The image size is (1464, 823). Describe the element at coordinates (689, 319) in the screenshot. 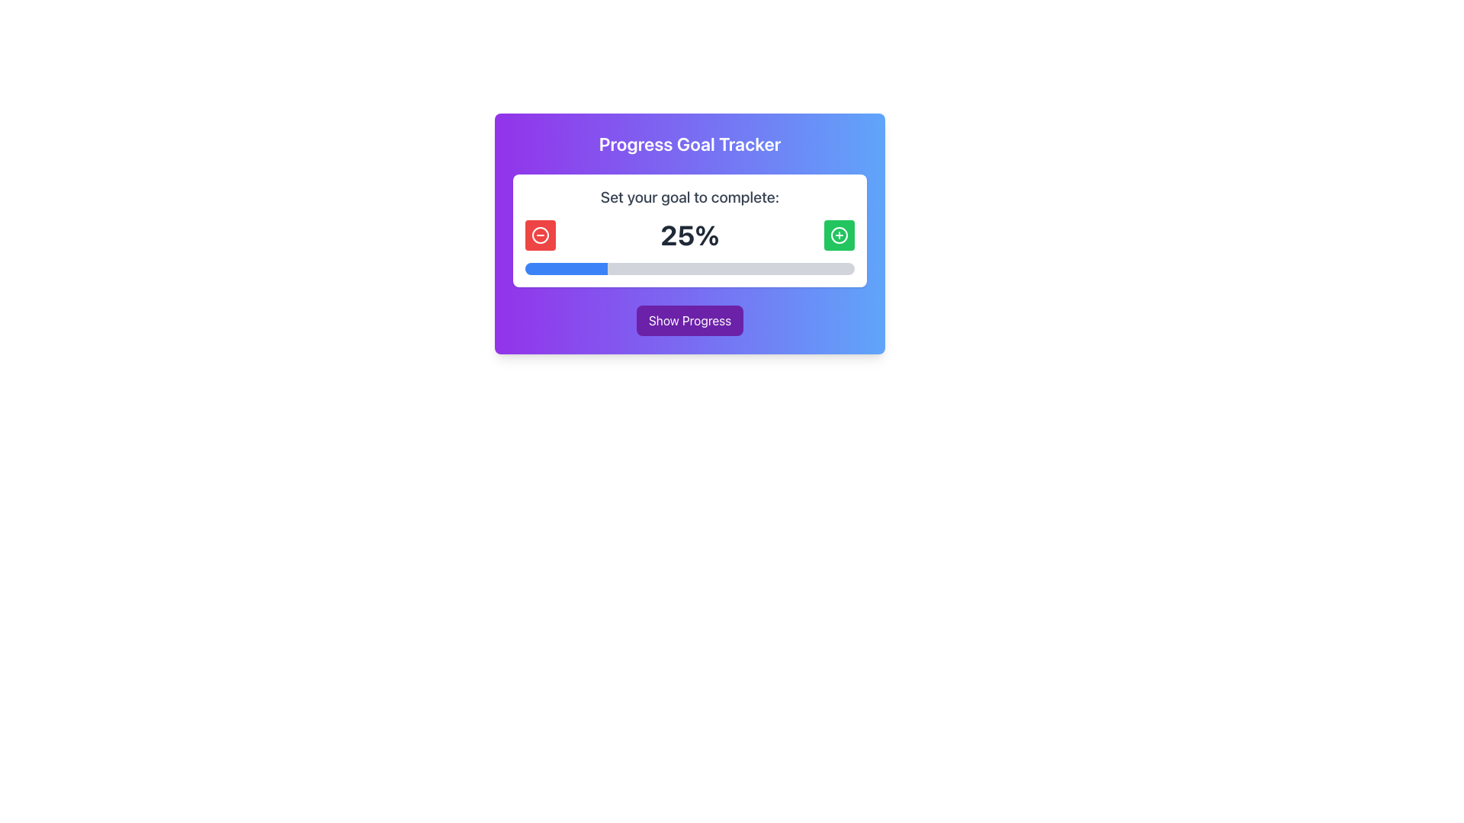

I see `the button with a purple background and white text reading 'Show Progress'` at that location.